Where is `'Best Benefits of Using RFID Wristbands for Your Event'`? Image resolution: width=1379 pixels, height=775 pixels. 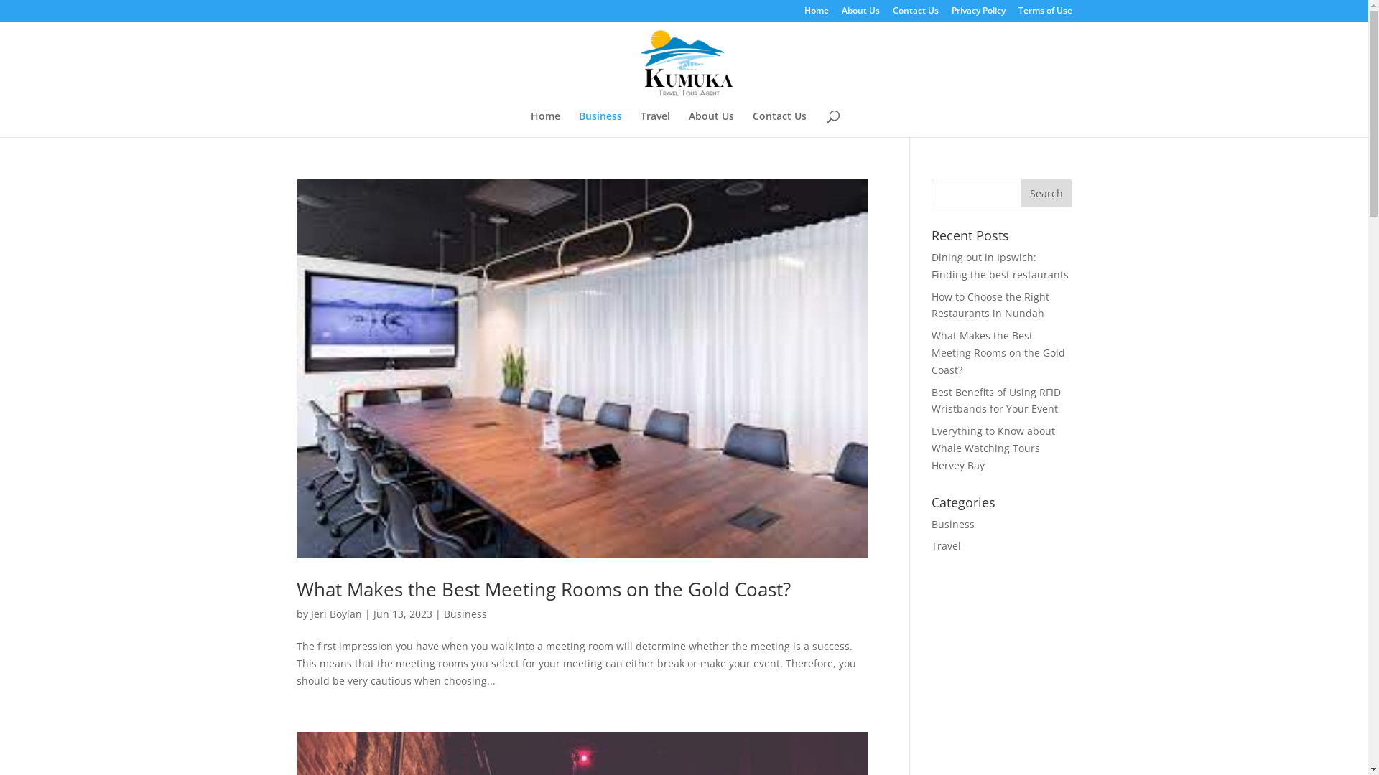 'Best Benefits of Using RFID Wristbands for Your Event' is located at coordinates (995, 400).